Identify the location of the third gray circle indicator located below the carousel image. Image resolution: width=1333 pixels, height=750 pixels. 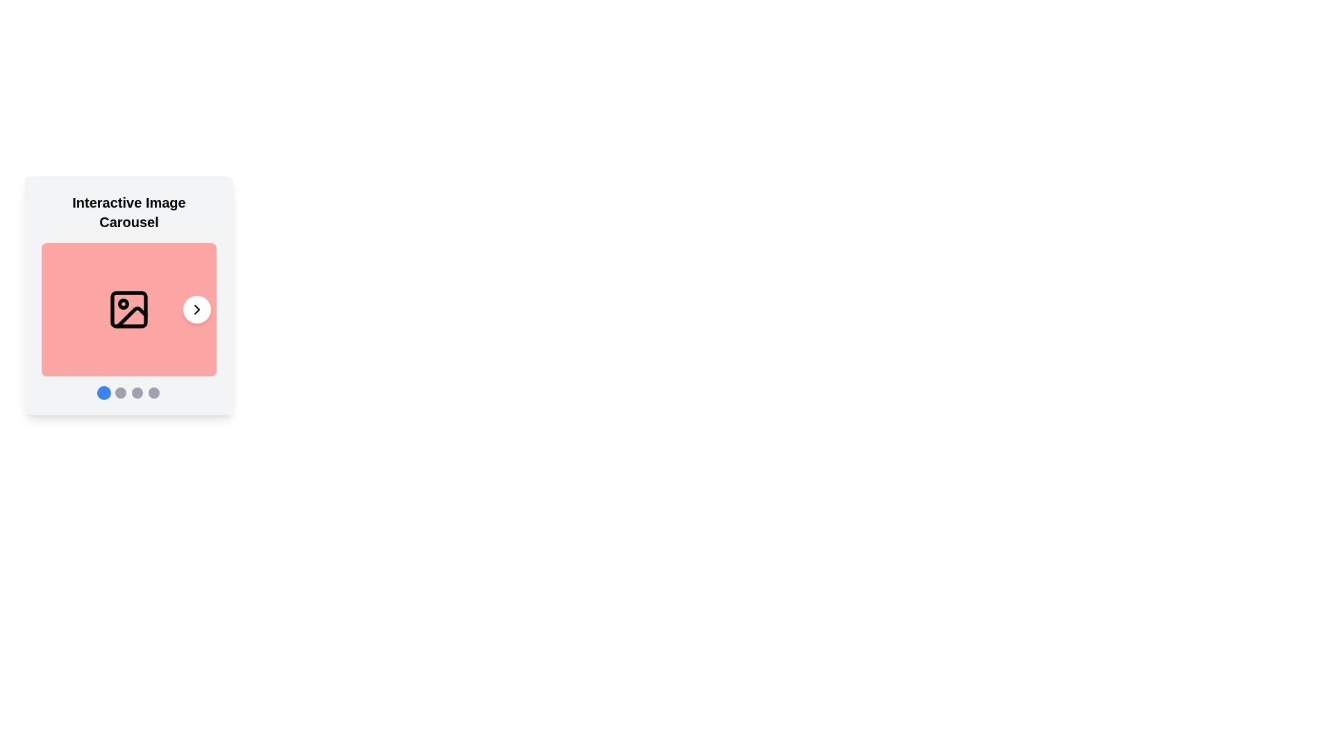
(137, 393).